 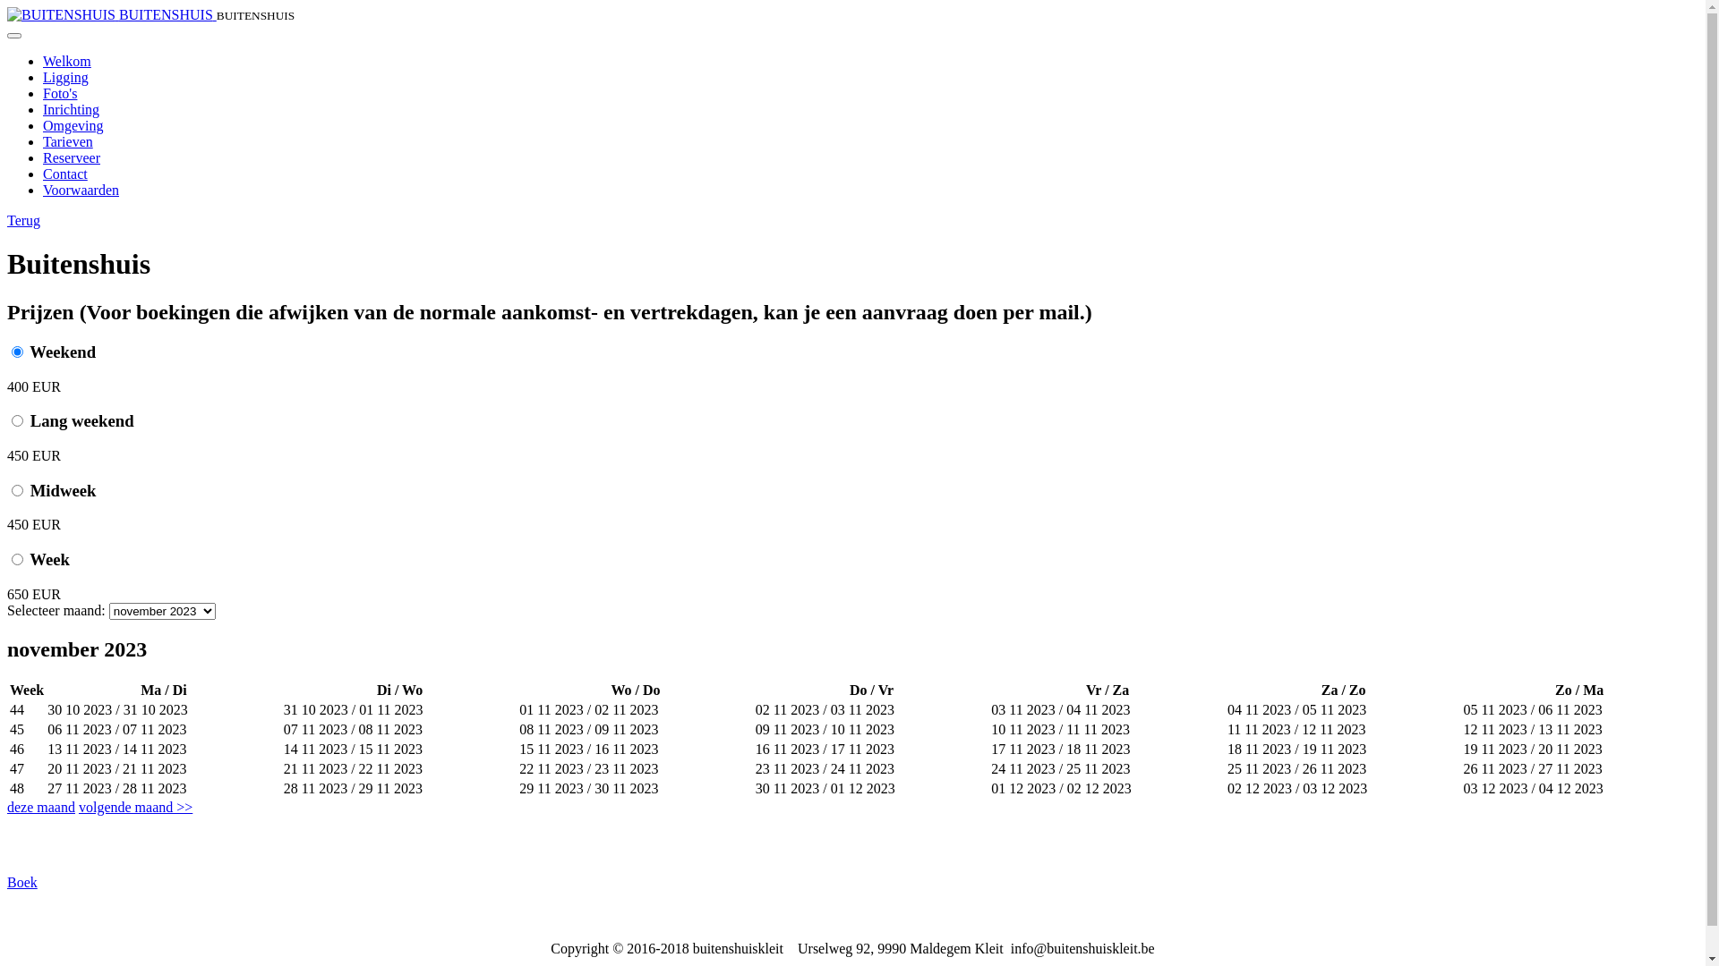 I want to click on 'Boek', so click(x=21, y=881).